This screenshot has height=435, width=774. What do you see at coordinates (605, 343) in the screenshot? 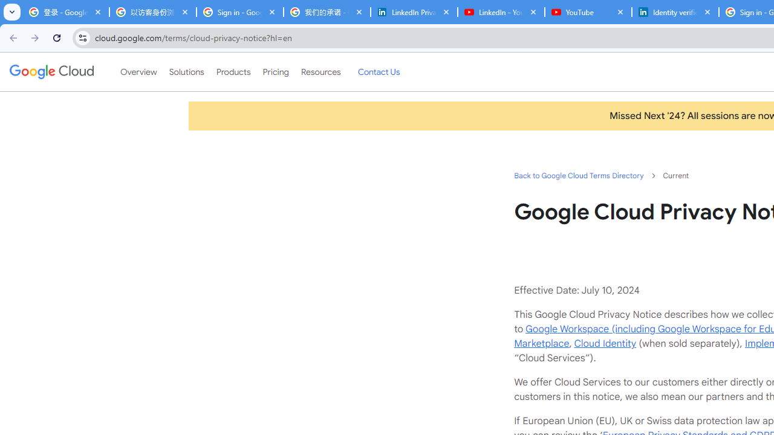
I see `'Cloud Identity'` at bounding box center [605, 343].